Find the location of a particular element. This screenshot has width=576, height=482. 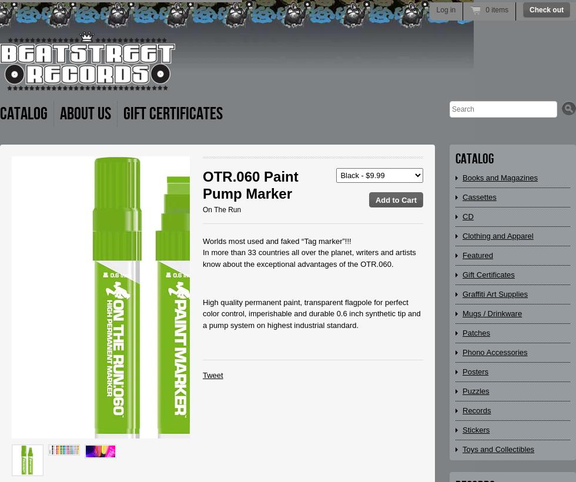

'Toys and Collectibles' is located at coordinates (498, 448).